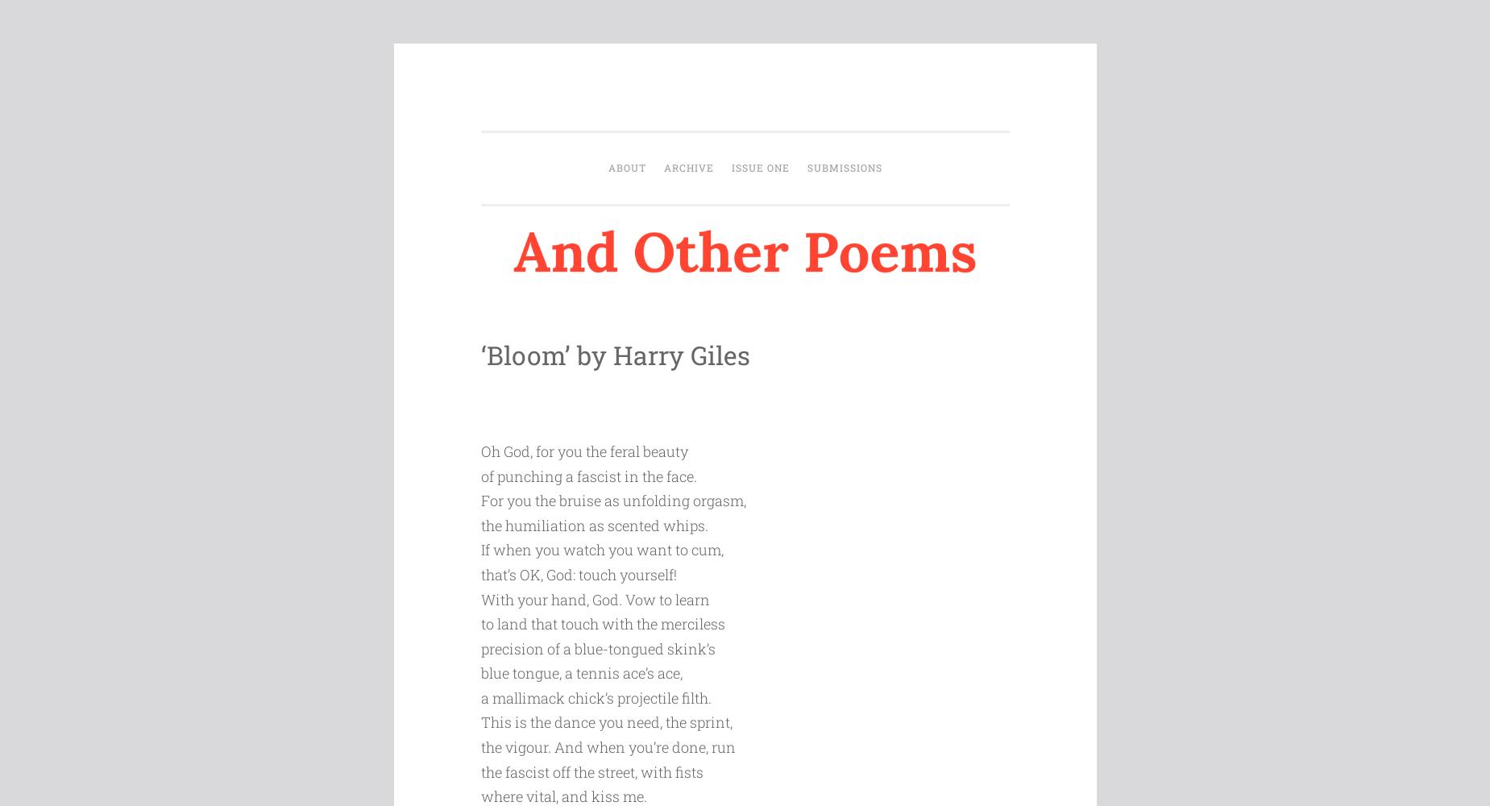  Describe the element at coordinates (591, 771) in the screenshot. I see `'the fascist off the street, with fists'` at that location.